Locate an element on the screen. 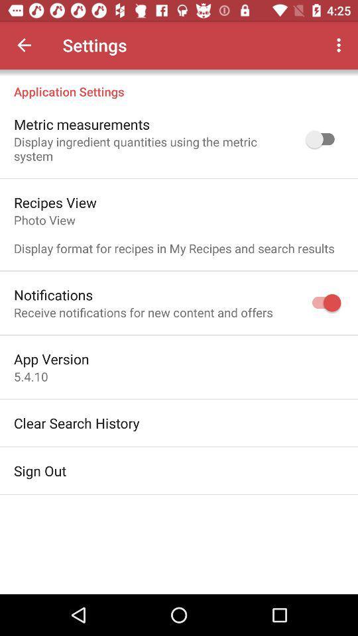 This screenshot has height=636, width=358. receive notifications for icon is located at coordinates (143, 312).